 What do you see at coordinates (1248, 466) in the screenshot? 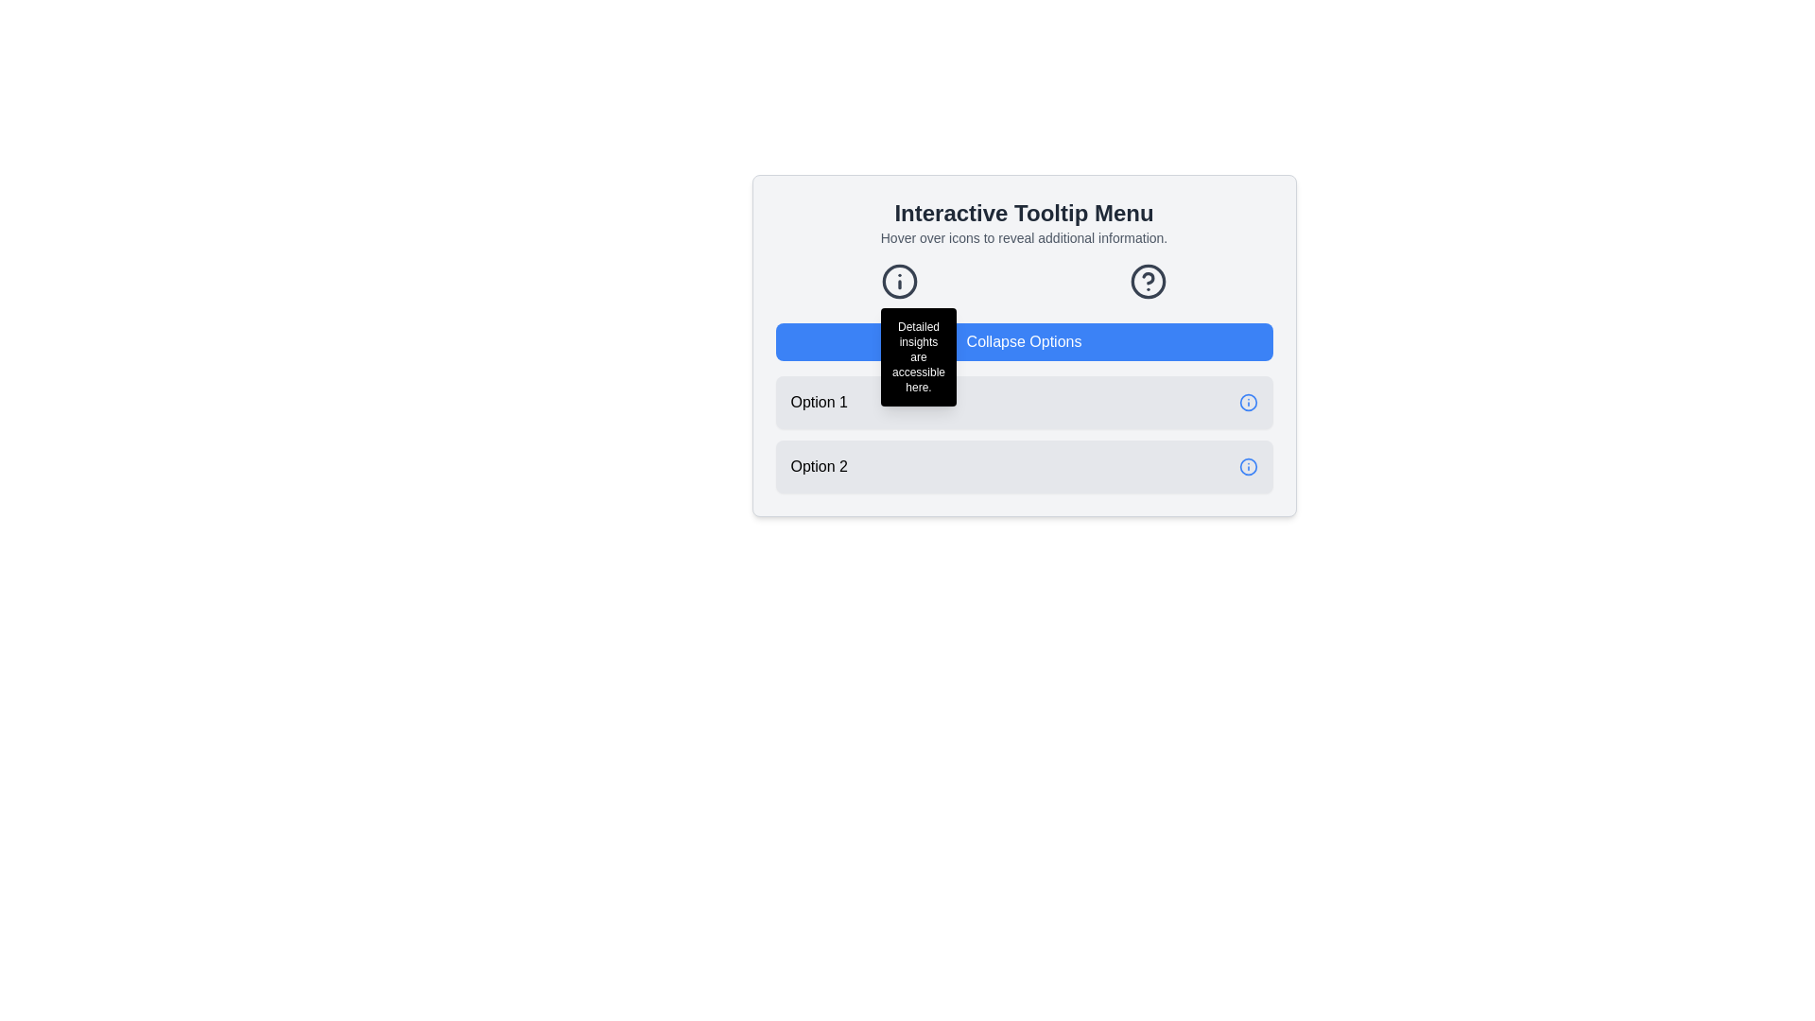
I see `the blue circular icon located within the gray section labeled 'Option 2'` at bounding box center [1248, 466].